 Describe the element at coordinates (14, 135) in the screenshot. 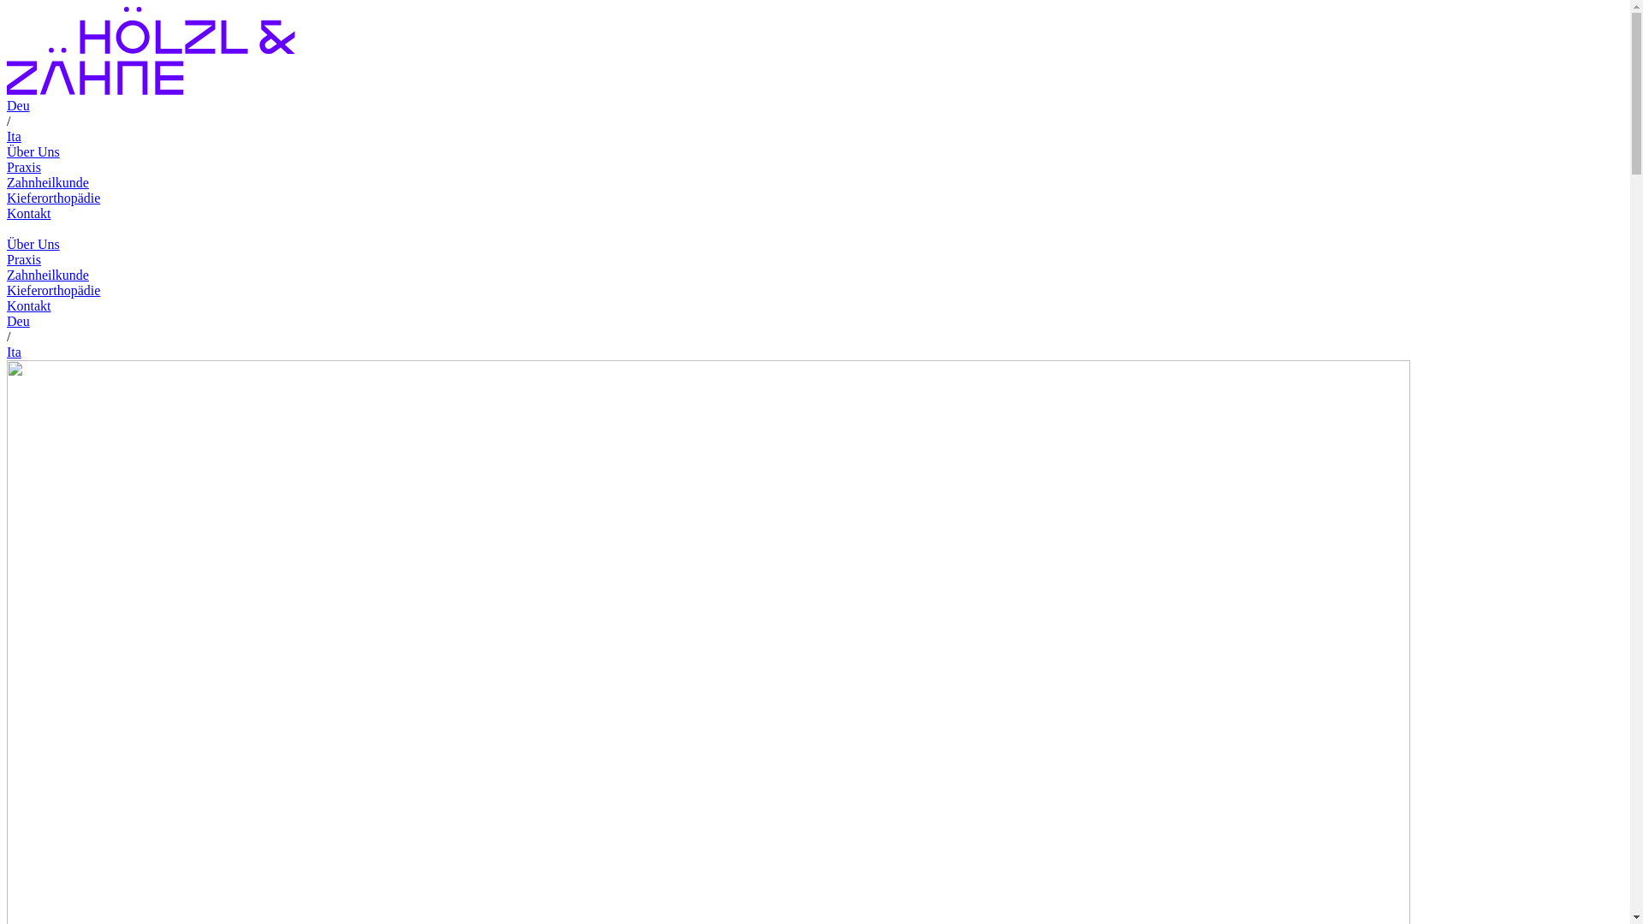

I see `'Ita'` at that location.